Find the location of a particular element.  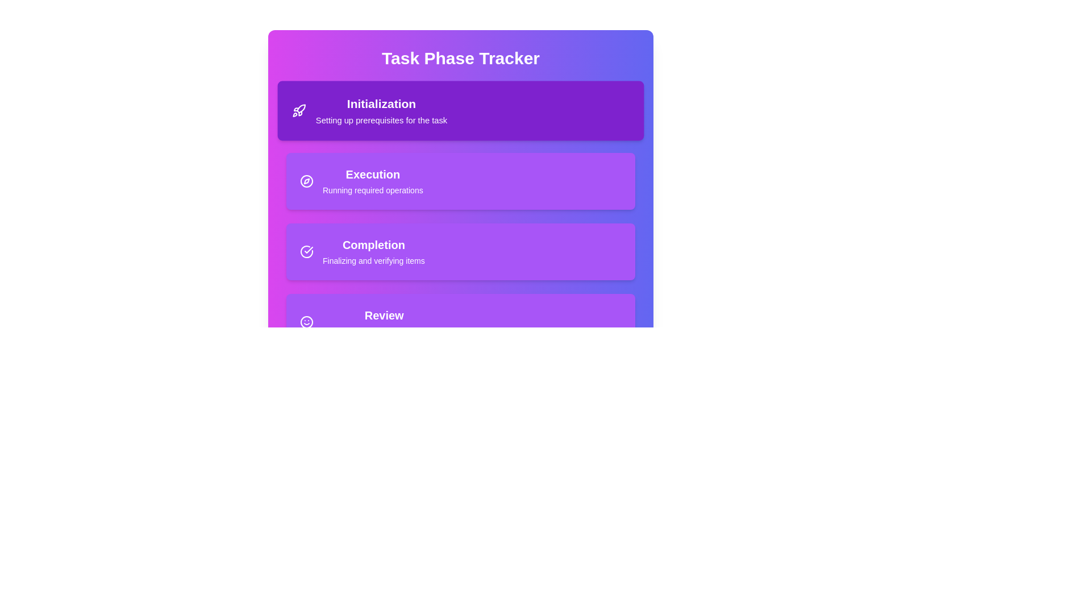

prominently styled header text 'Task Phase Tracker' located at the top of the rounded card with a gradient background is located at coordinates (461, 59).